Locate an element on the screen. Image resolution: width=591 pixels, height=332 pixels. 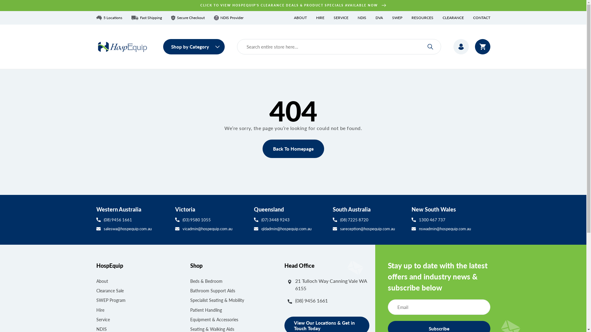
'Patient Handling' is located at coordinates (206, 310).